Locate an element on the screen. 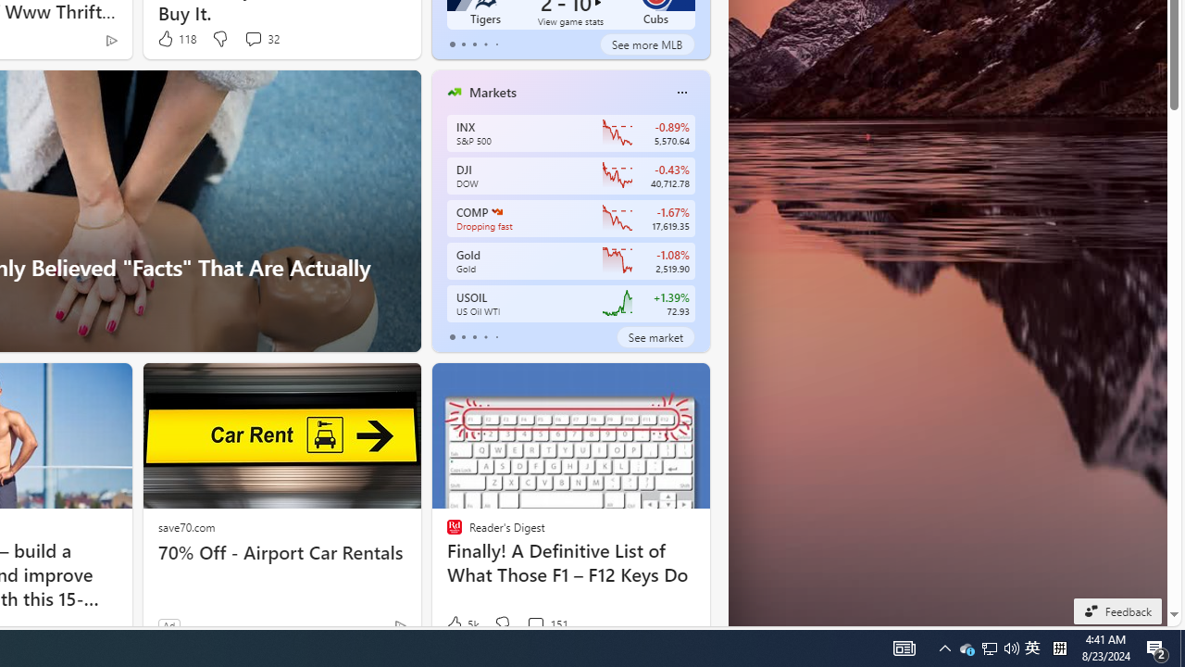 The width and height of the screenshot is (1185, 667). '5k Like' is located at coordinates (461, 624).